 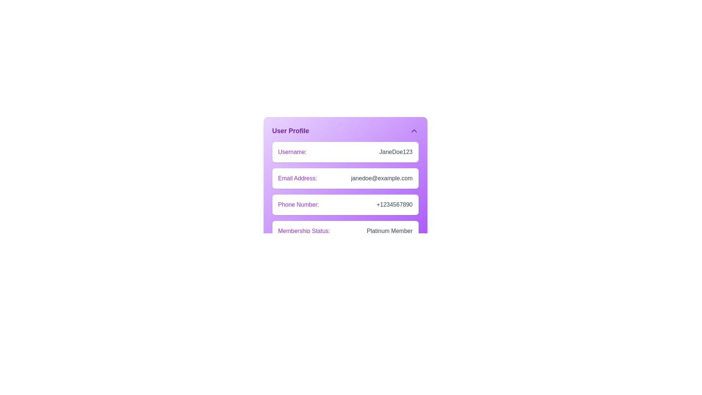 I want to click on the Information display field that shows 'Phone Number:' and the phone number '+1234567890', which is the third element in a vertical list of four sections, so click(x=345, y=204).